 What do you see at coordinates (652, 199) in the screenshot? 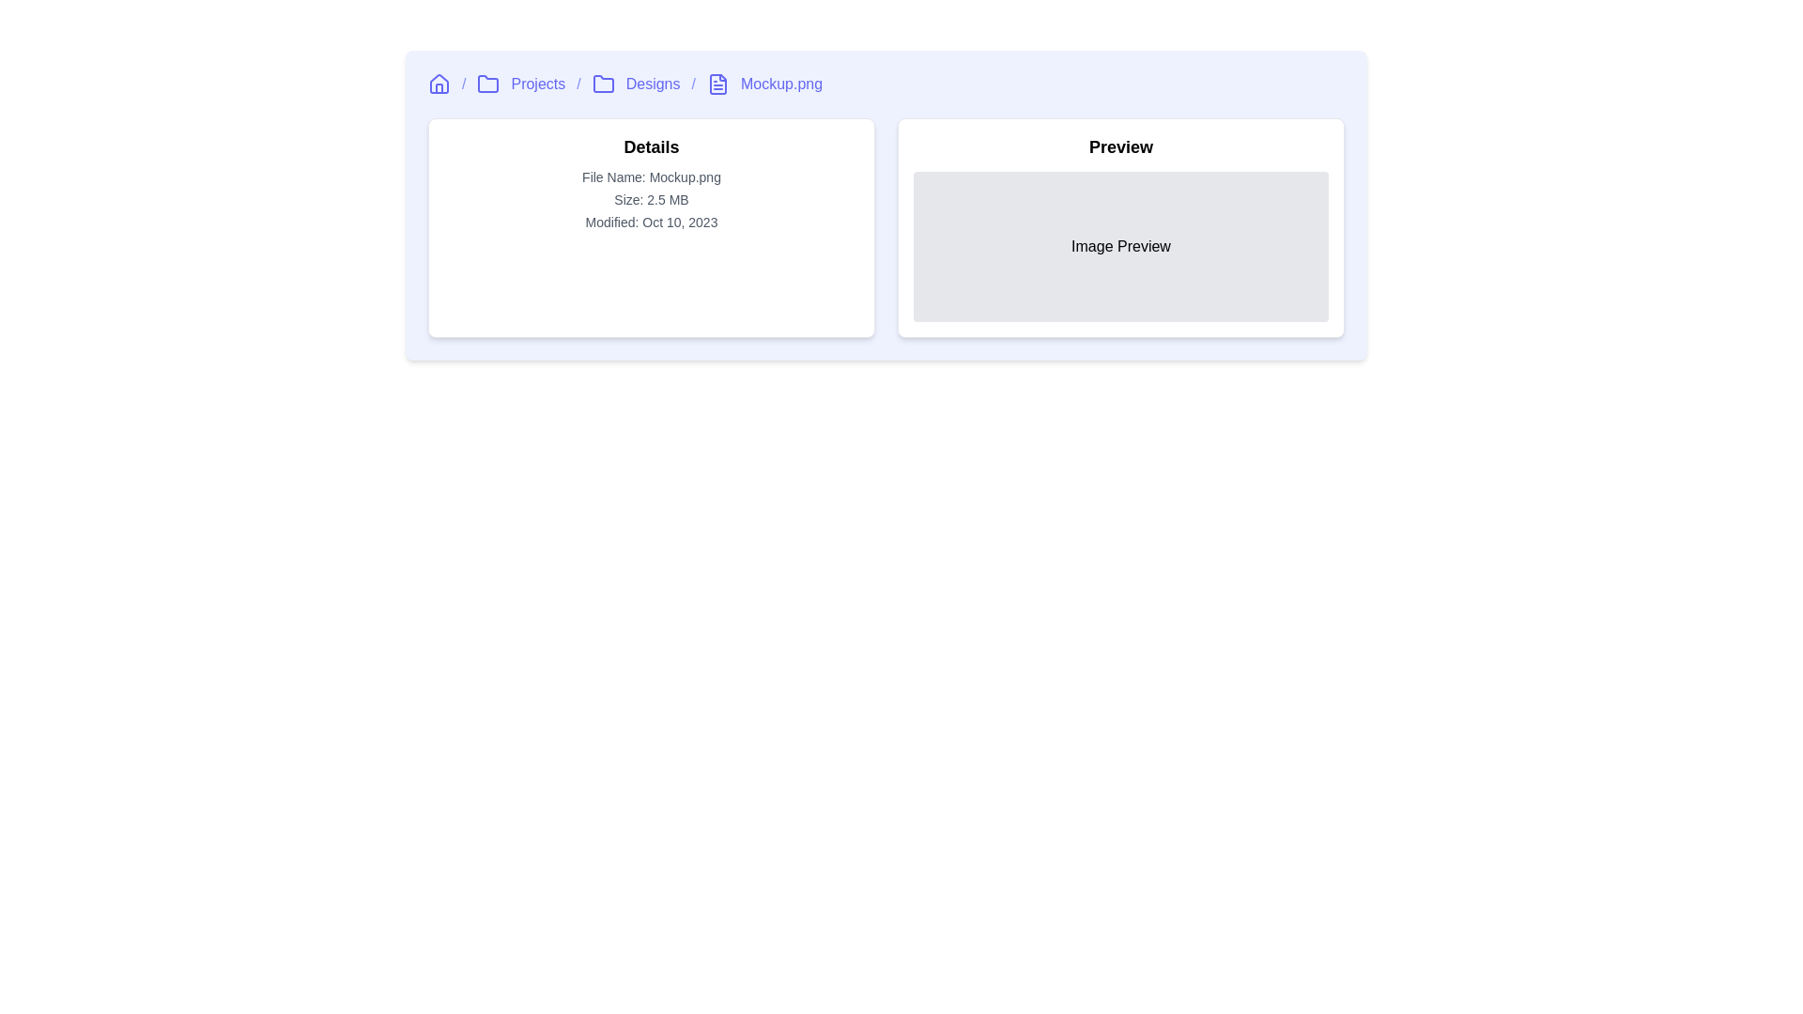
I see `the text display element showing 'Size: 2.5 MB', which is located below 'File Name: Mockup.png' and above 'Modified: Oct 10, 2023'` at bounding box center [652, 199].